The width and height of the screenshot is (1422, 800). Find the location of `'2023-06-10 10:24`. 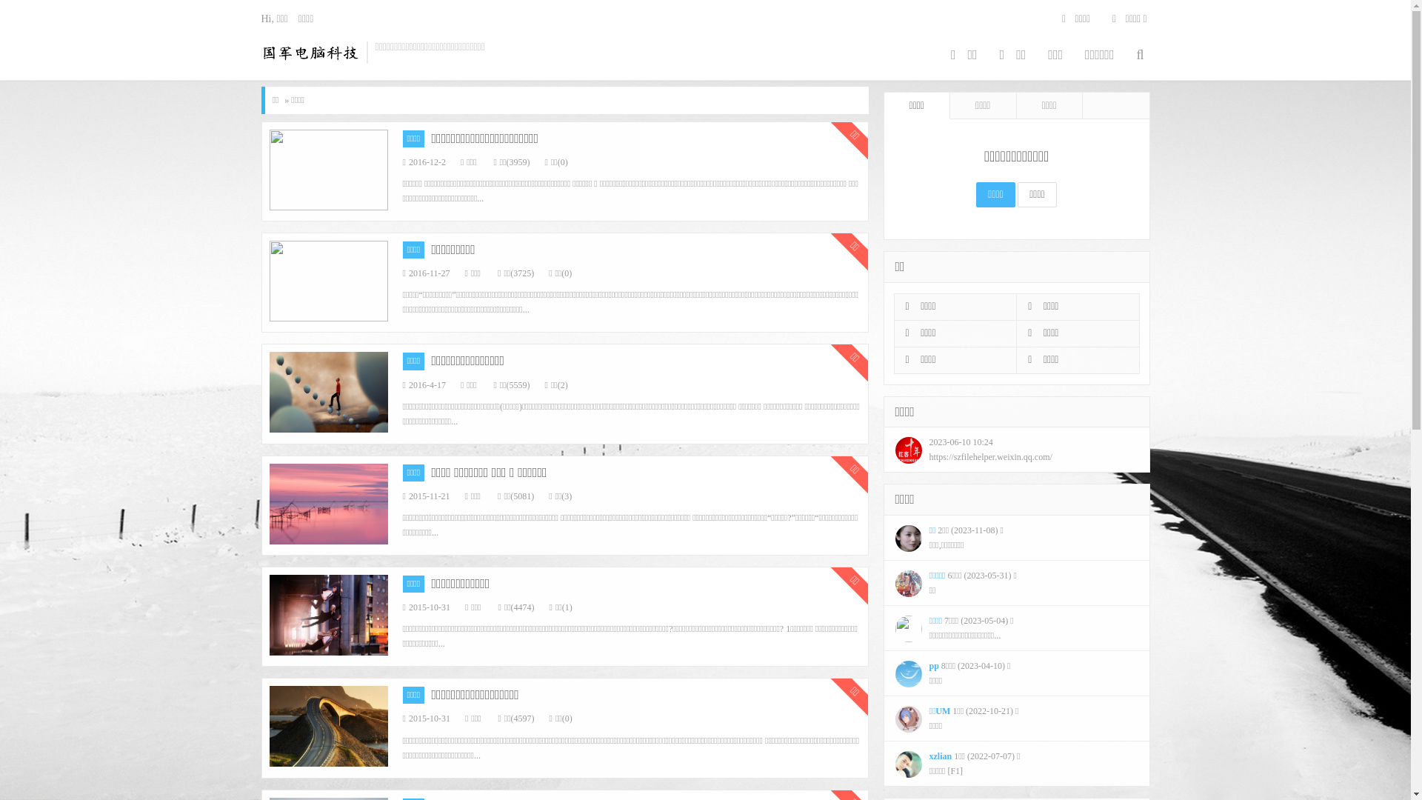

'2023-06-10 10:24 is located at coordinates (1015, 448).